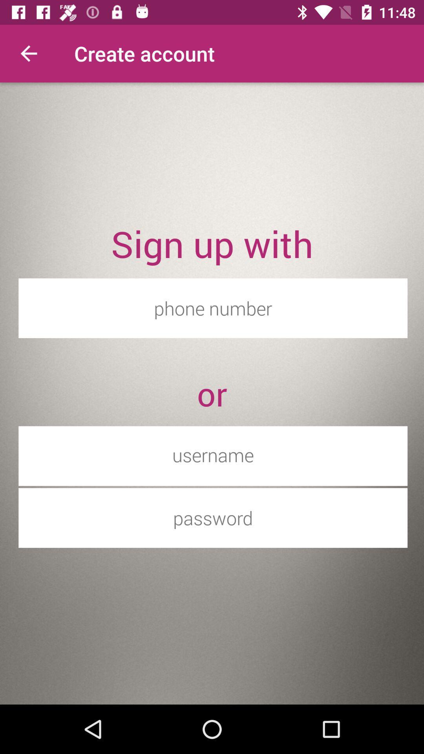 Image resolution: width=424 pixels, height=754 pixels. What do you see at coordinates (28, 53) in the screenshot?
I see `the item at the top left corner` at bounding box center [28, 53].